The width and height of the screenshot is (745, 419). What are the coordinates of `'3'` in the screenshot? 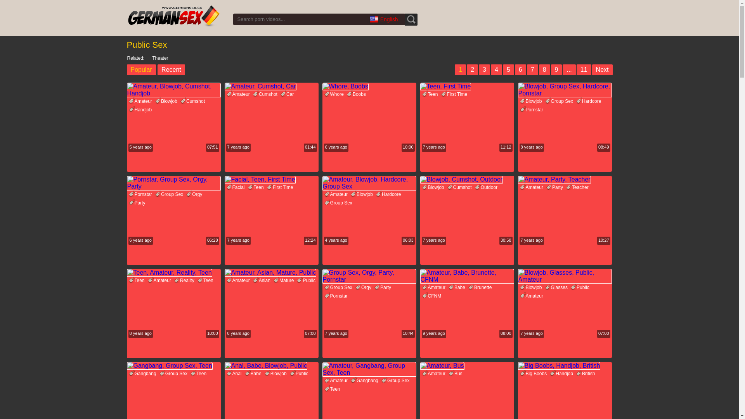 It's located at (484, 70).